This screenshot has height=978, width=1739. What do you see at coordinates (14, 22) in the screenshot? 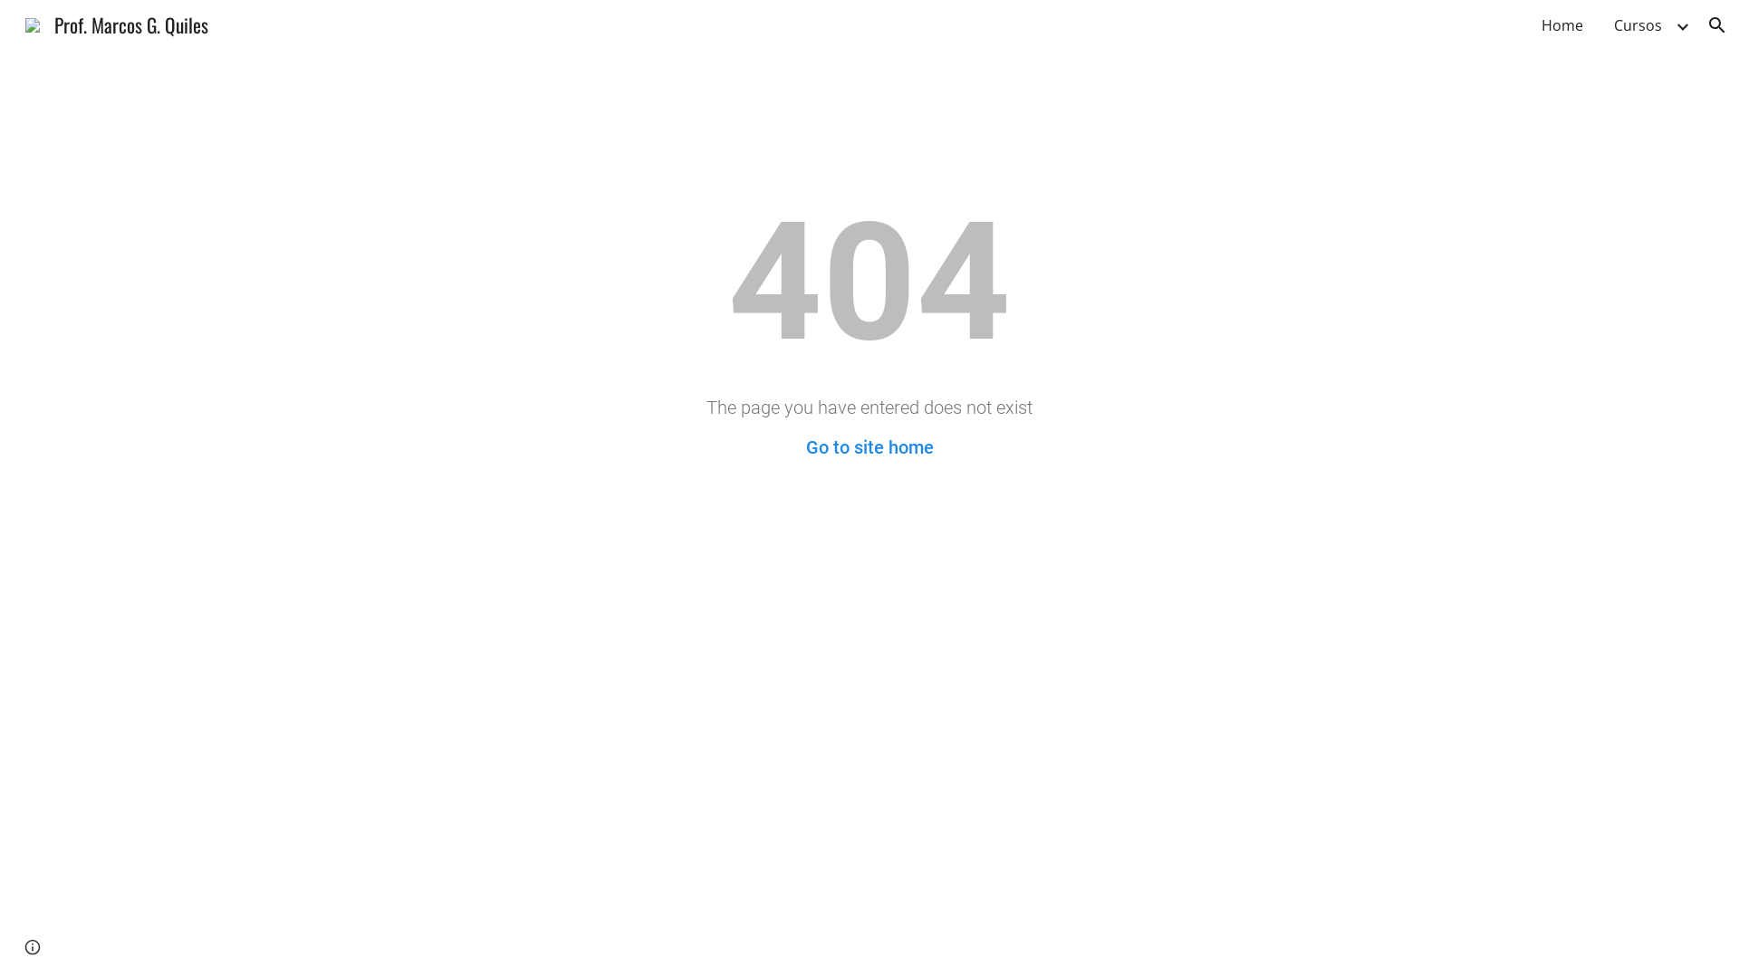
I see `'Prof. Marcos G. Quiles'` at bounding box center [14, 22].